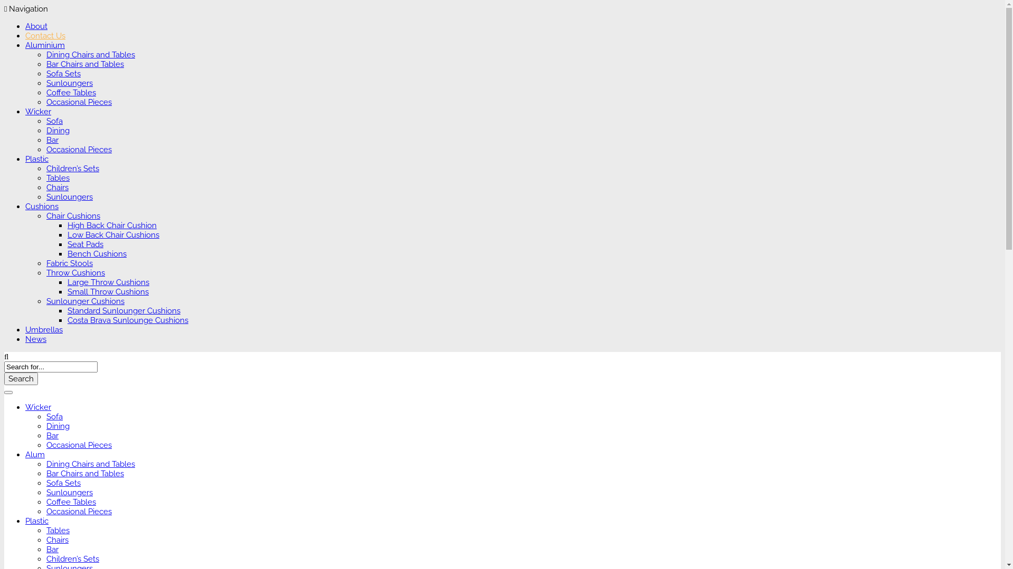 Image resolution: width=1013 pixels, height=569 pixels. I want to click on 'Plastic', so click(25, 520).